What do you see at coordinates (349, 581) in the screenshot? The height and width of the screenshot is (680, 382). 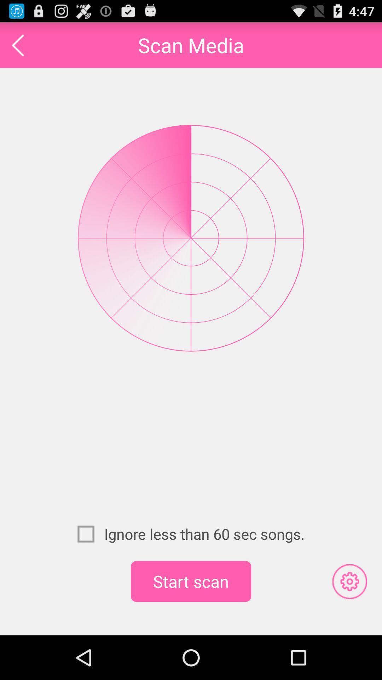 I see `item next to start scan item` at bounding box center [349, 581].